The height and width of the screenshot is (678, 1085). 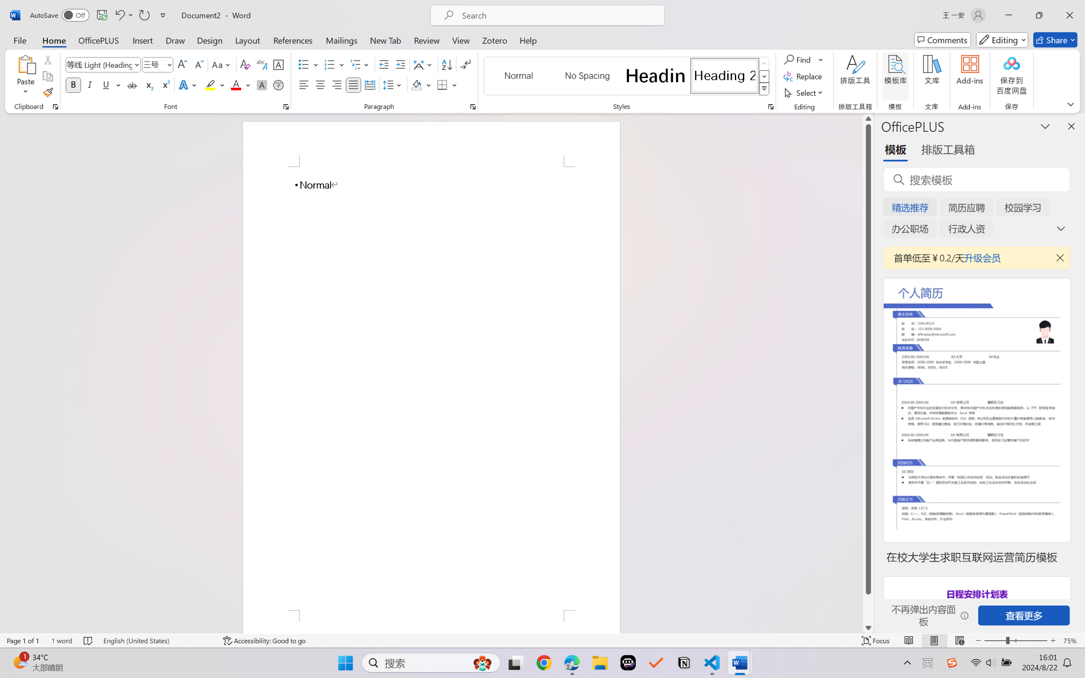 I want to click on 'Class: Image', so click(x=951, y=663).